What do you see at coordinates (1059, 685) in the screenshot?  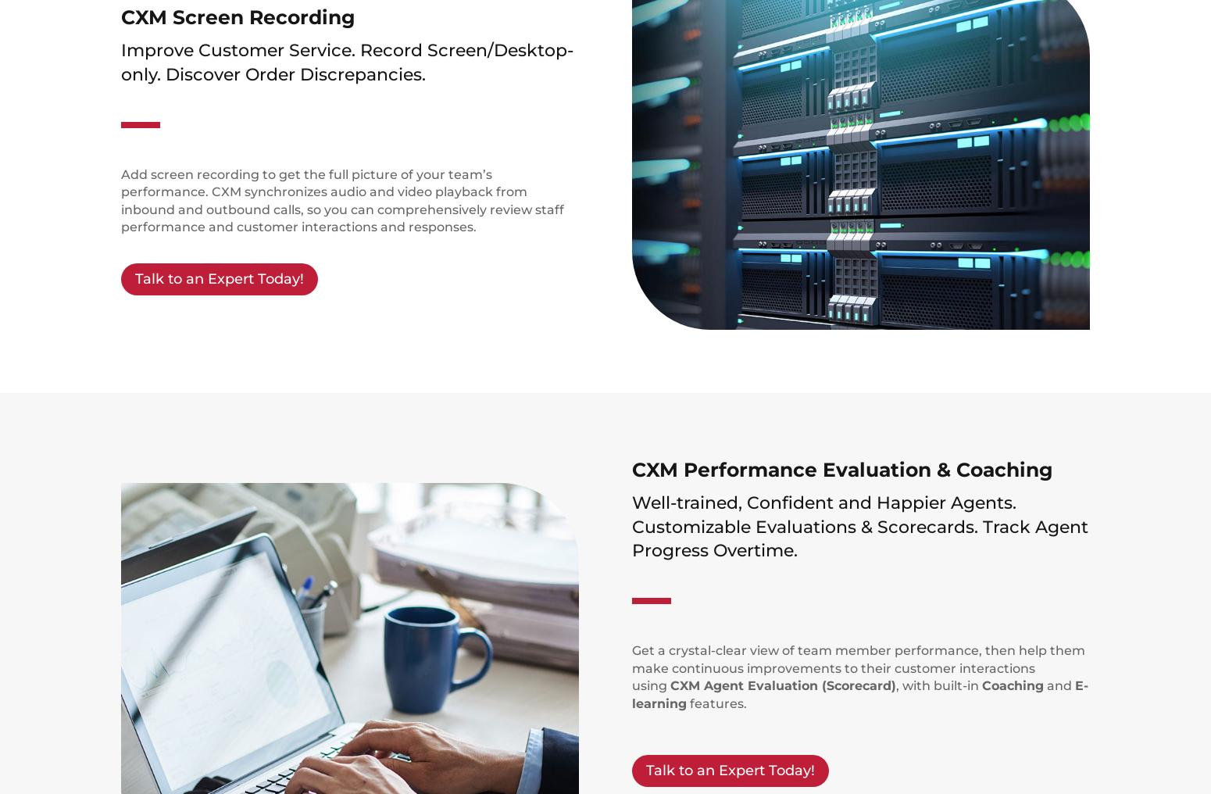 I see `'and'` at bounding box center [1059, 685].